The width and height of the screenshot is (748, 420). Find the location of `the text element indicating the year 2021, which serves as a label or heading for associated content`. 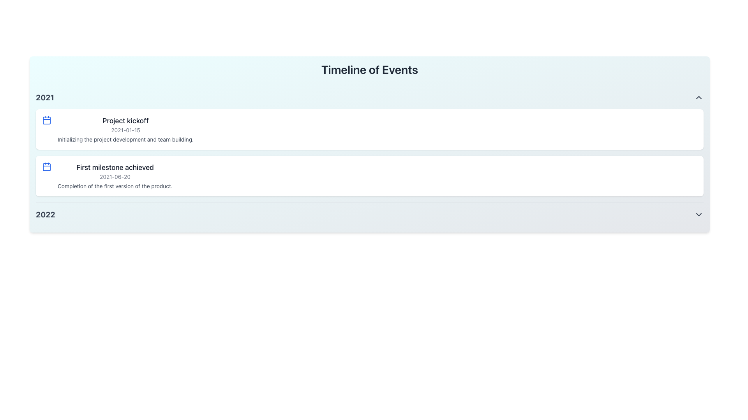

the text element indicating the year 2021, which serves as a label or heading for associated content is located at coordinates (44, 97).